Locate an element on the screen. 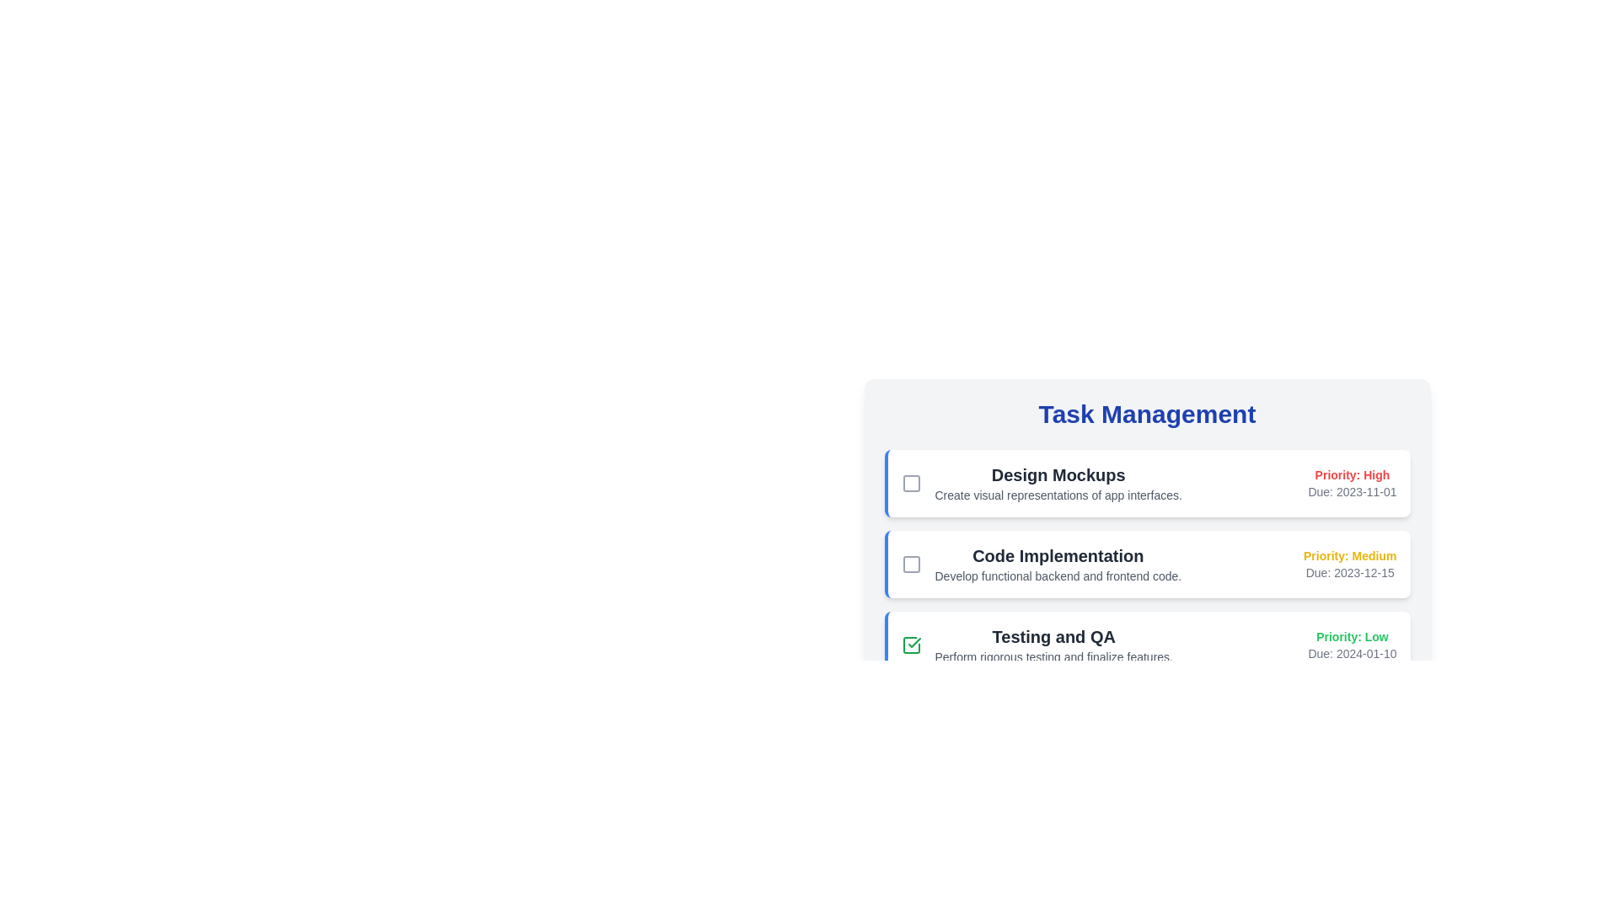 Image resolution: width=1618 pixels, height=910 pixels. the descriptive label for the task in the 'Task Management' interface, which is the last item in a vertical list and provides details about the task is located at coordinates (1053, 645).